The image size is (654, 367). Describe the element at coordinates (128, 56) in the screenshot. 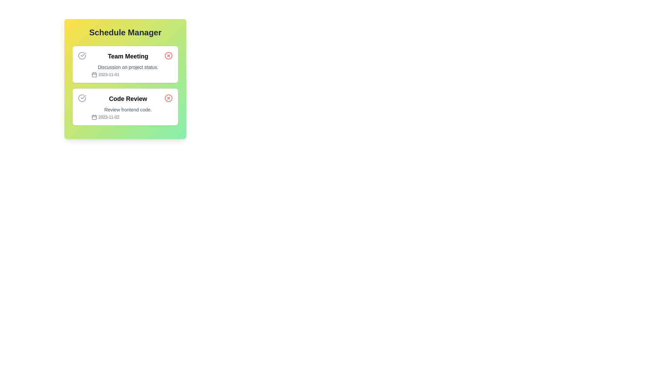

I see `text label displaying the heading of the scheduled event, which shows 'Team Meeting'` at that location.